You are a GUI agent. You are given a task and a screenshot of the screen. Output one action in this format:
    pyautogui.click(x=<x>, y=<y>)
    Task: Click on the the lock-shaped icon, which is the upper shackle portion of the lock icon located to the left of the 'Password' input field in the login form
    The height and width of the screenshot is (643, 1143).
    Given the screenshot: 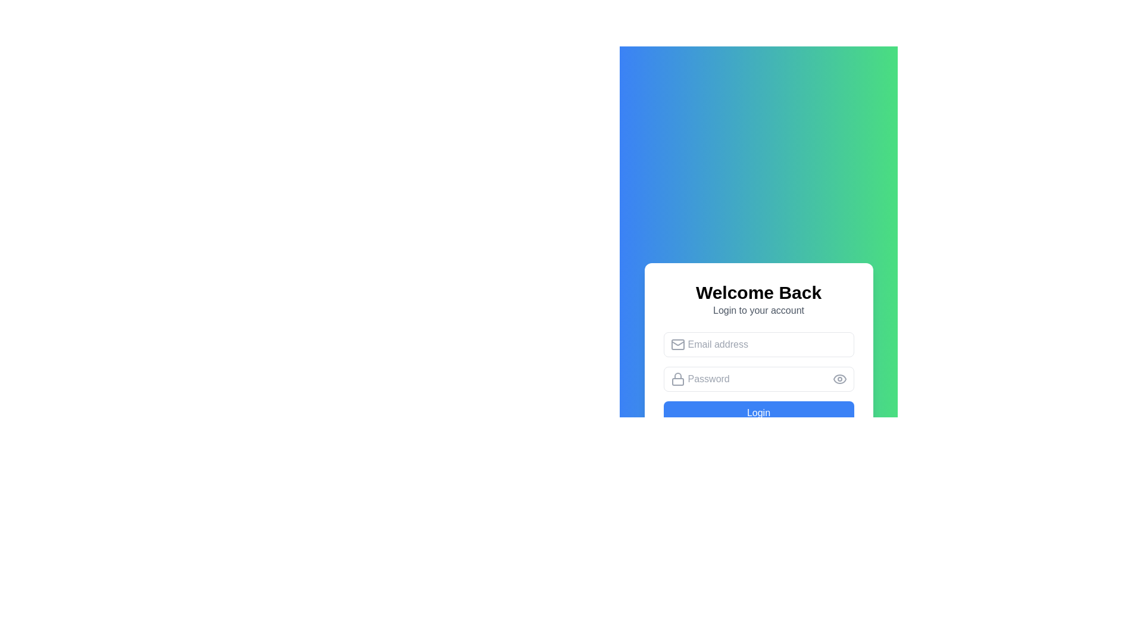 What is the action you would take?
    pyautogui.click(x=677, y=376)
    